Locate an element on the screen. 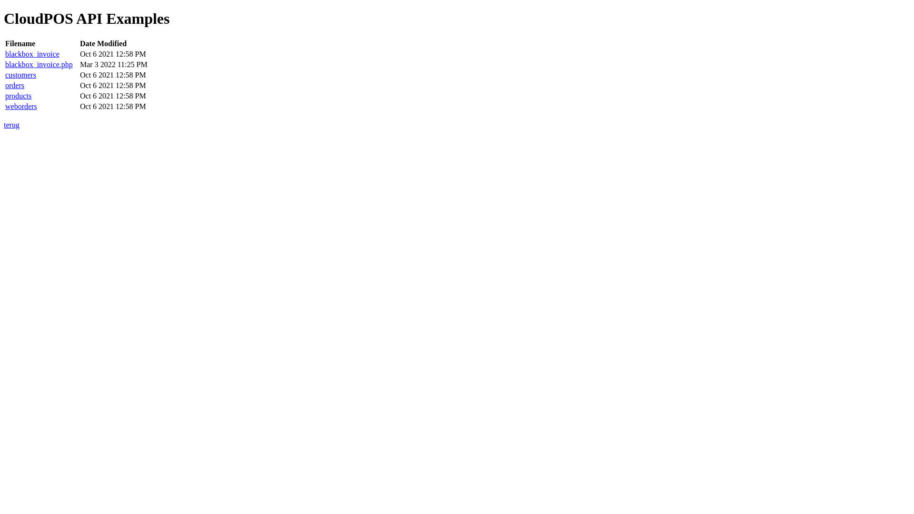 This screenshot has height=514, width=914. 'products' is located at coordinates (18, 96).